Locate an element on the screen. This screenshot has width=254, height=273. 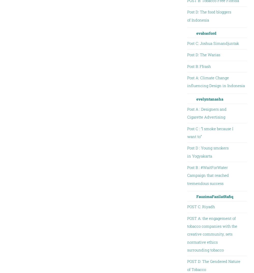
'Post C: Joshua Simandjuntak' is located at coordinates (213, 43).